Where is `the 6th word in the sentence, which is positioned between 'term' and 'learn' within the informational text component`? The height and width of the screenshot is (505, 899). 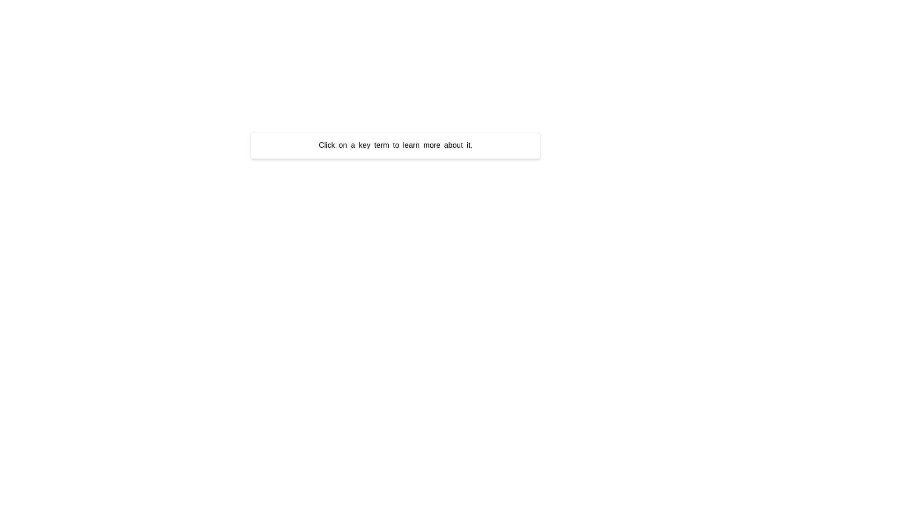 the 6th word in the sentence, which is positioned between 'term' and 'learn' within the informational text component is located at coordinates (396, 145).